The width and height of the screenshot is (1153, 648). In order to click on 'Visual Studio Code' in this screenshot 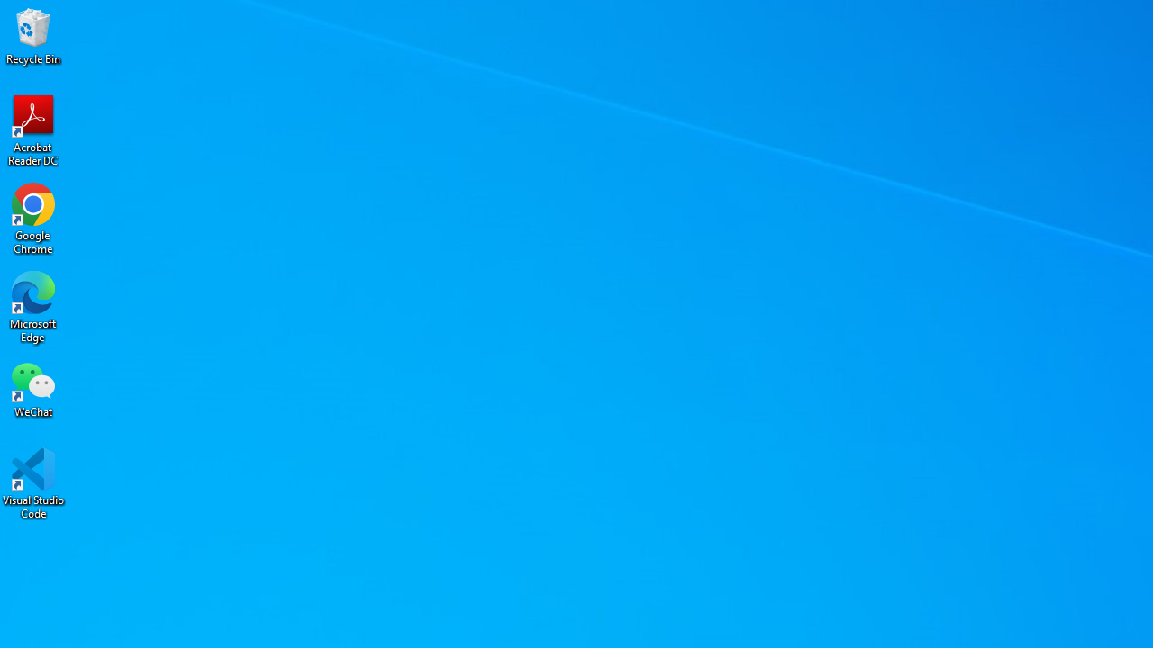, I will do `click(33, 482)`.